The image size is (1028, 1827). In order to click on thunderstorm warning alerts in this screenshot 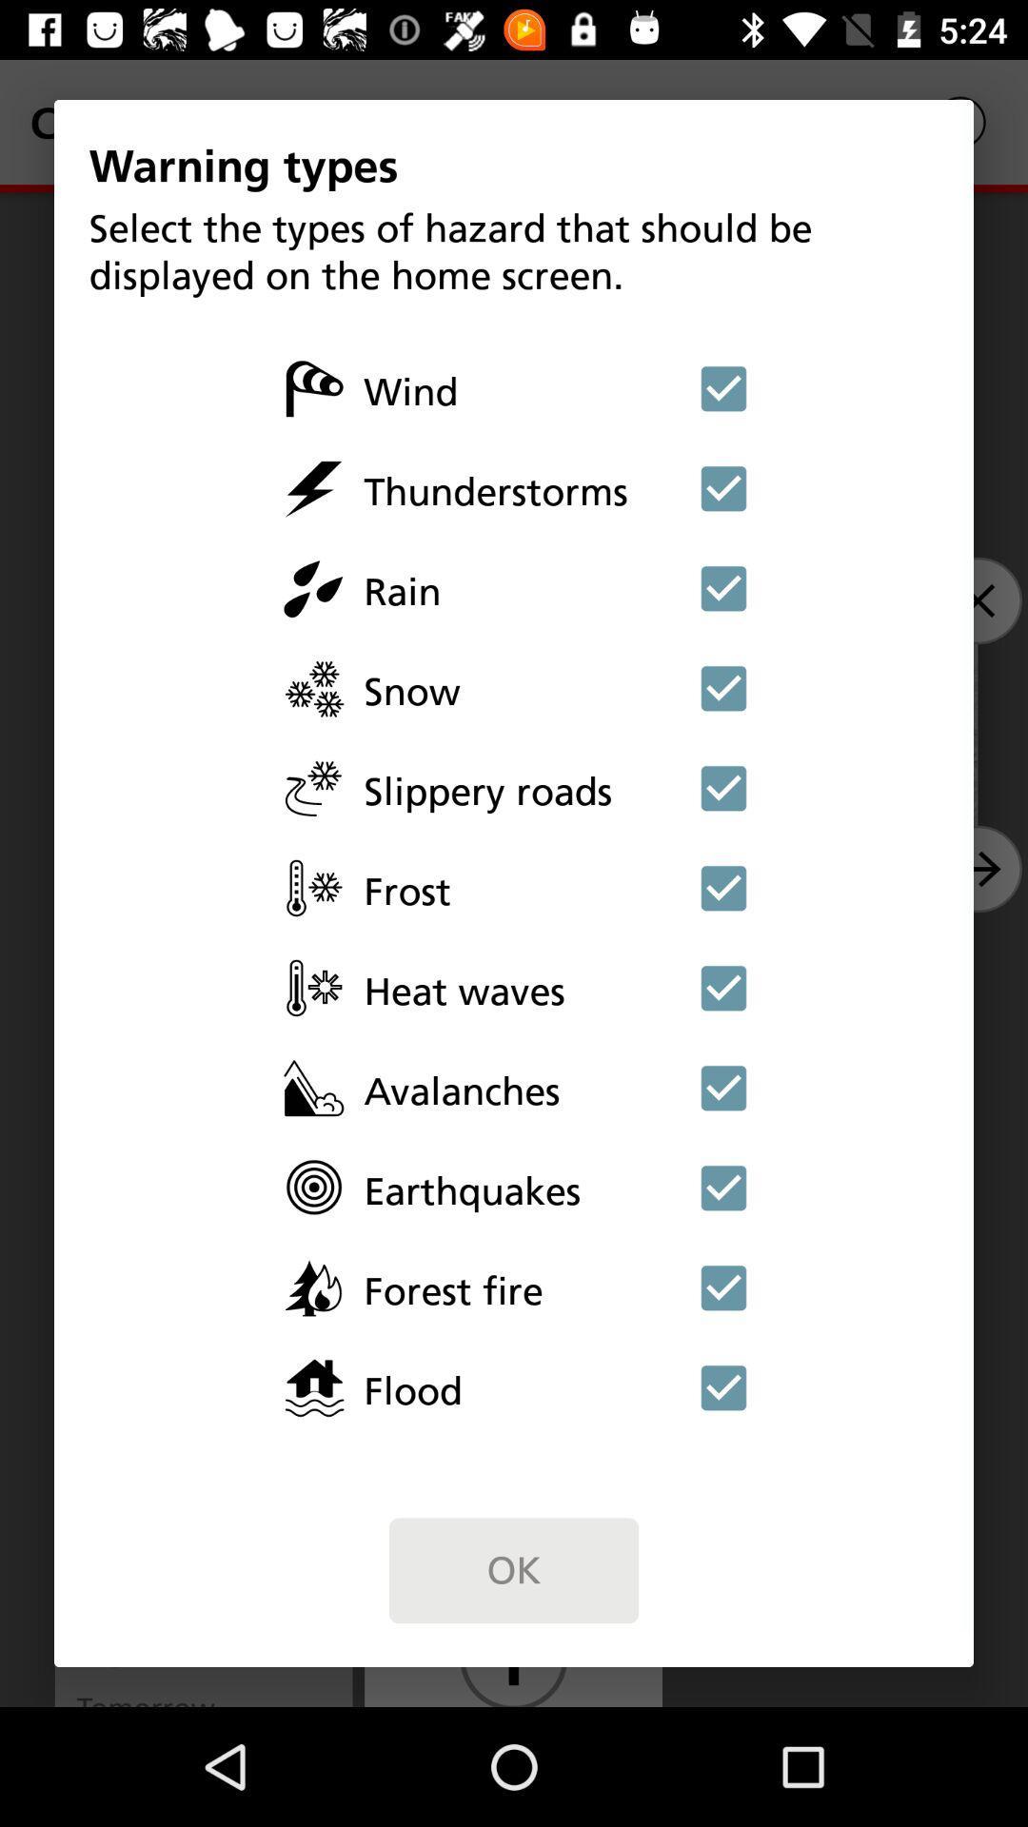, I will do `click(723, 488)`.